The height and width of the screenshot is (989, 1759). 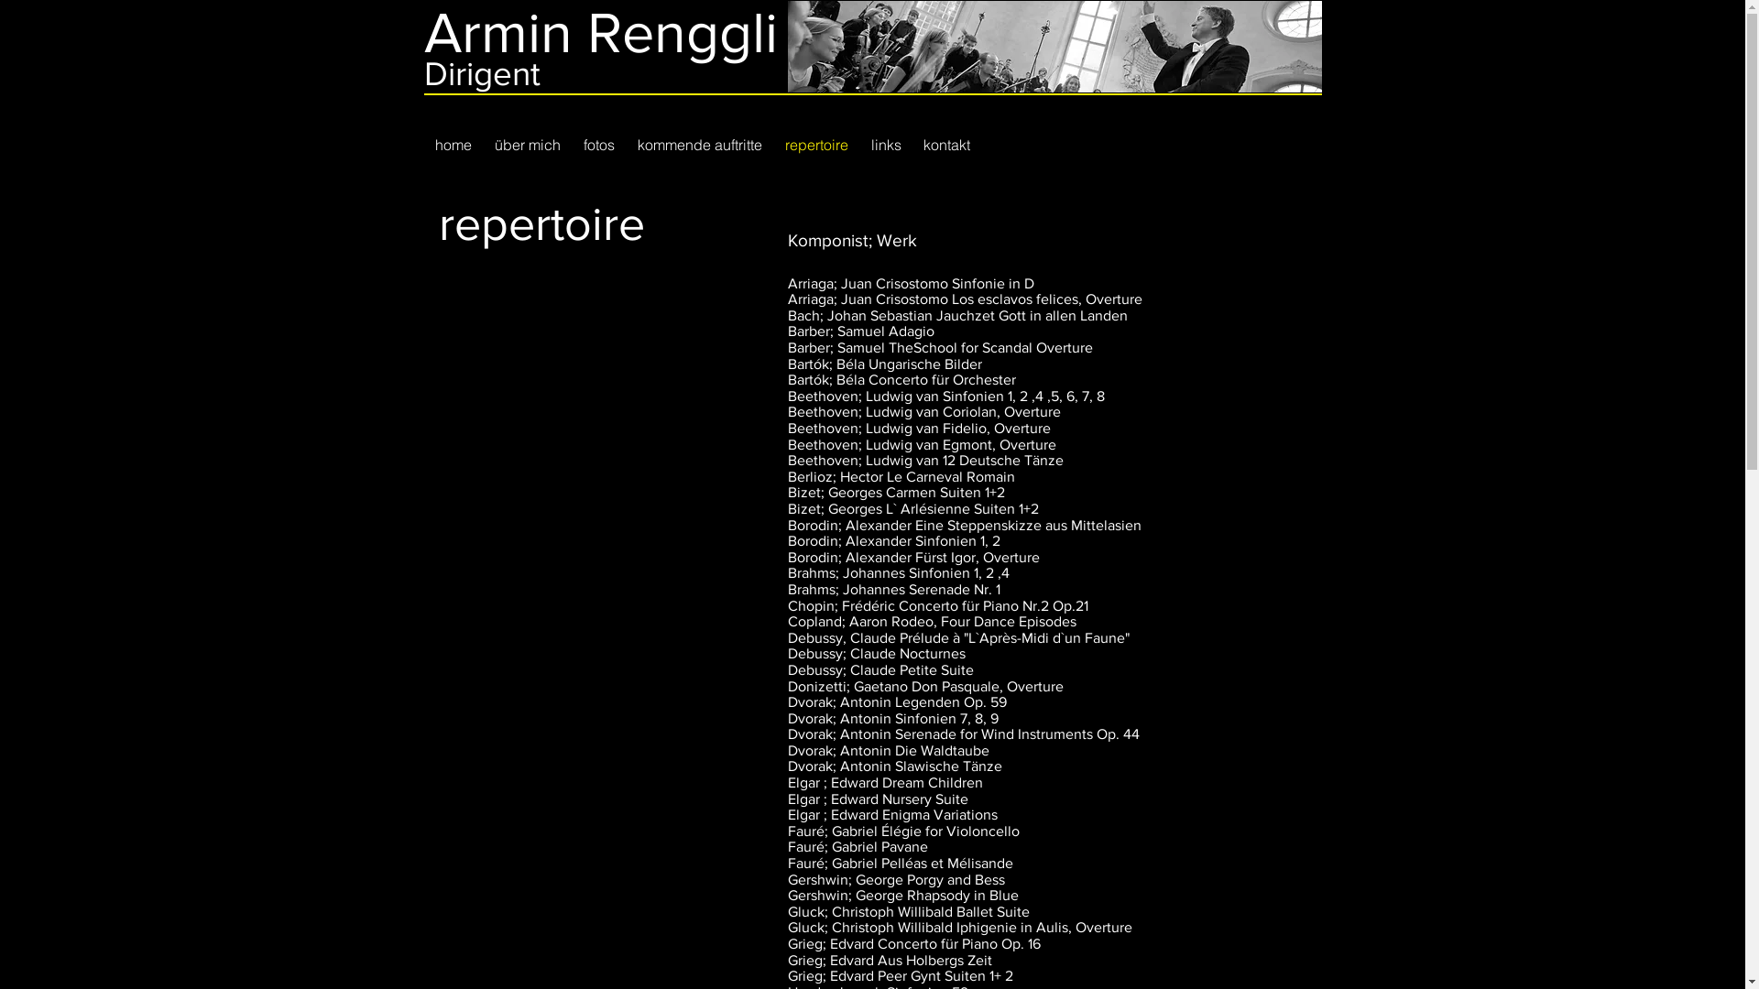 I want to click on 'kommende auftritte', so click(x=699, y=144).